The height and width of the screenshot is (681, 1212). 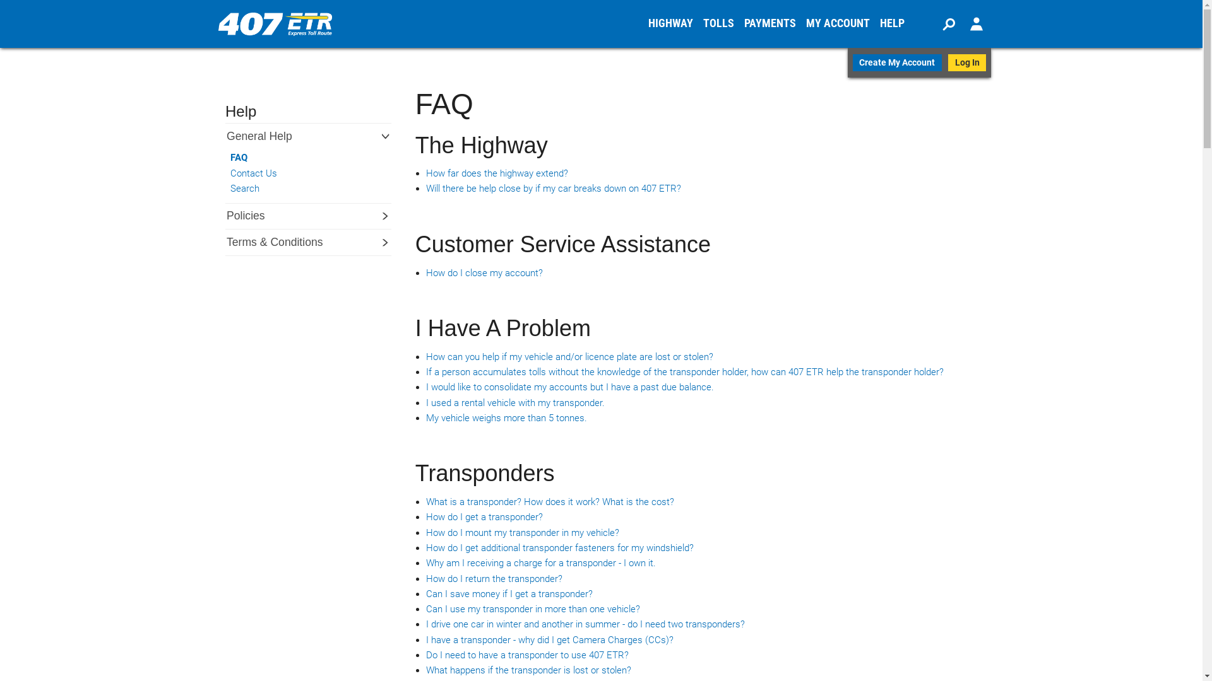 I want to click on 'How do I get a transponder?', so click(x=484, y=517).